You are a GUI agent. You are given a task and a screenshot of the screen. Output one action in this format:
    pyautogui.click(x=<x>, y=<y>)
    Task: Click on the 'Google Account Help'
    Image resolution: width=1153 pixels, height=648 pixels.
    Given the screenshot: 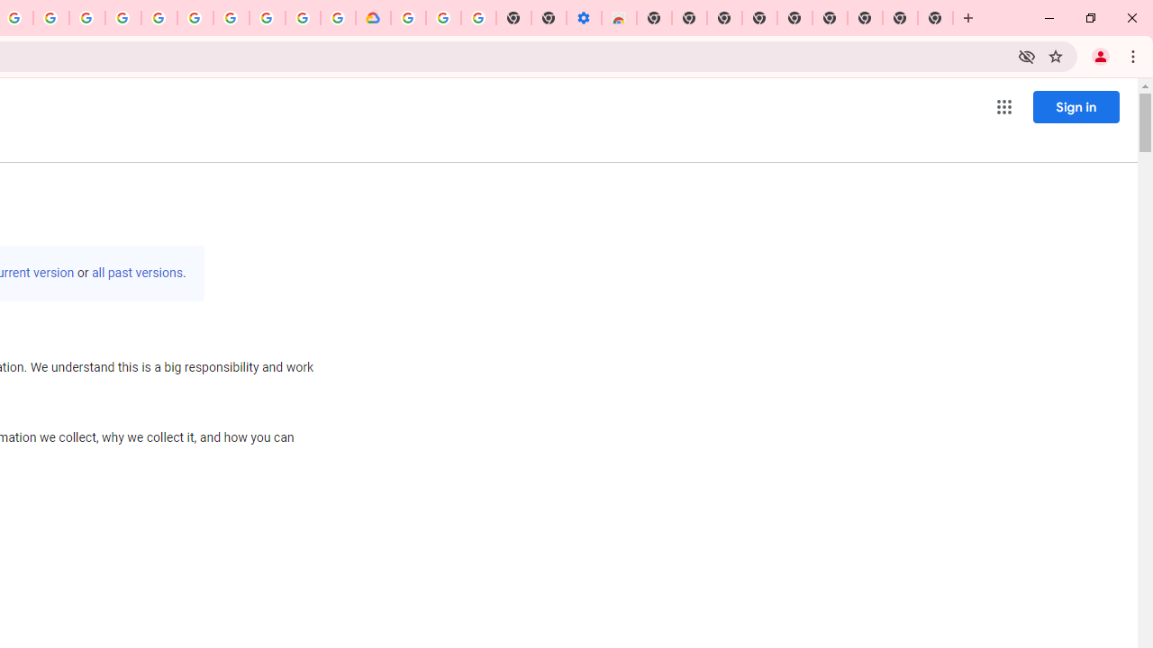 What is the action you would take?
    pyautogui.click(x=443, y=18)
    